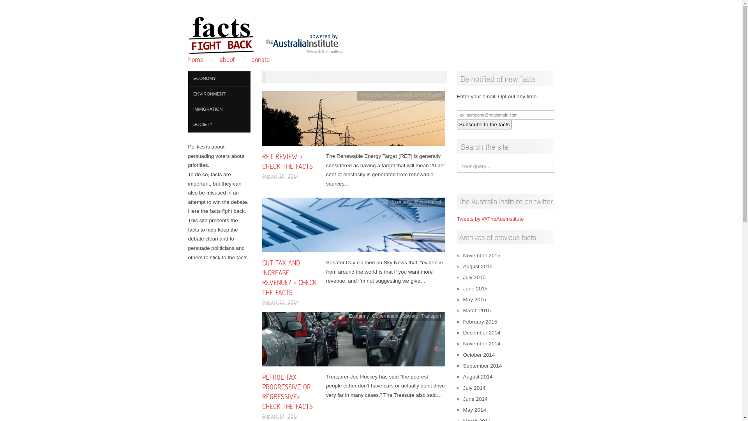  Describe the element at coordinates (475, 288) in the screenshot. I see `'June 2015'` at that location.